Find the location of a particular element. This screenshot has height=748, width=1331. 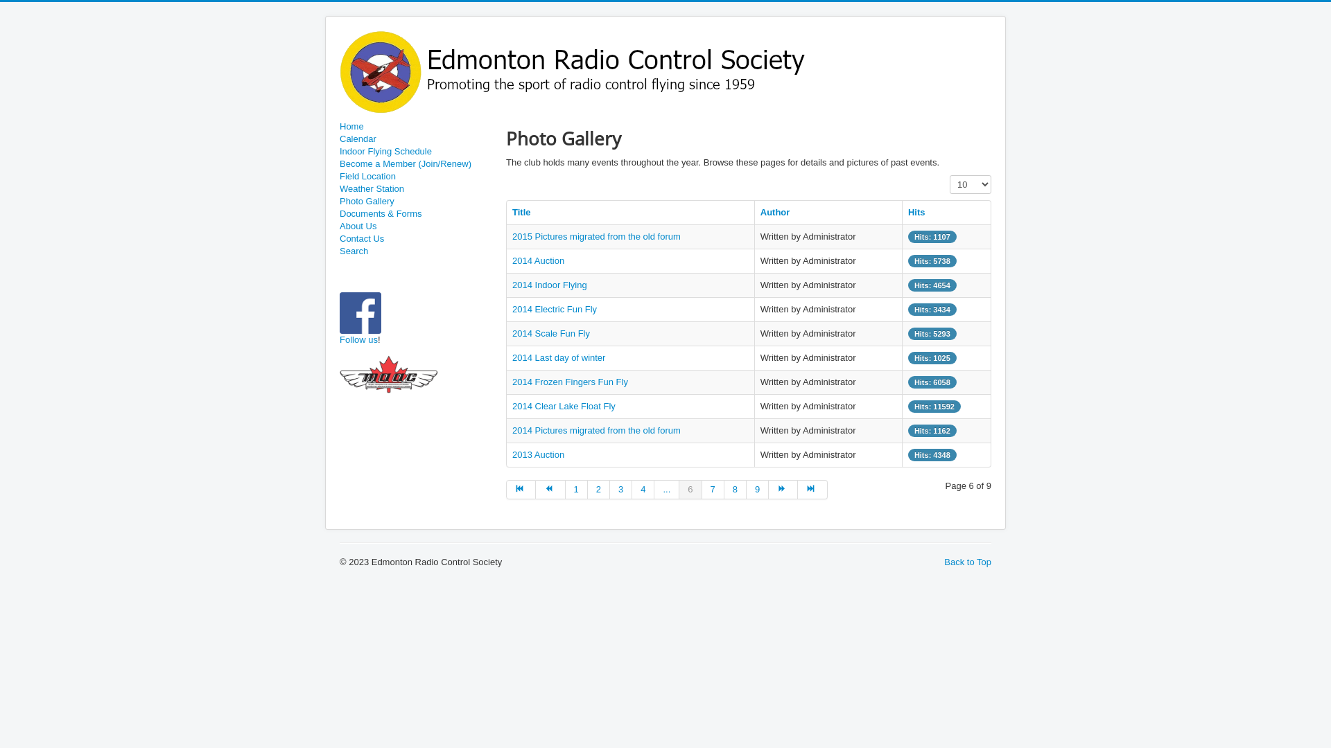

'Become a Member (Join/Renew)' is located at coordinates (415, 163).